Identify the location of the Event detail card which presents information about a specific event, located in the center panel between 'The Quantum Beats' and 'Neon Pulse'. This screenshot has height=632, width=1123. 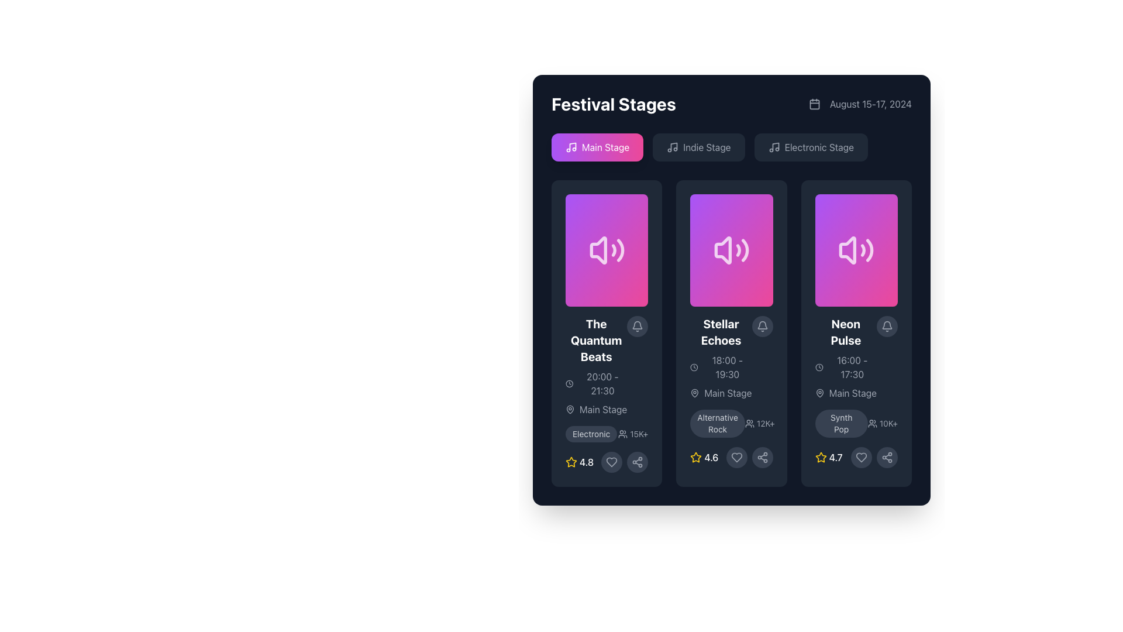
(731, 334).